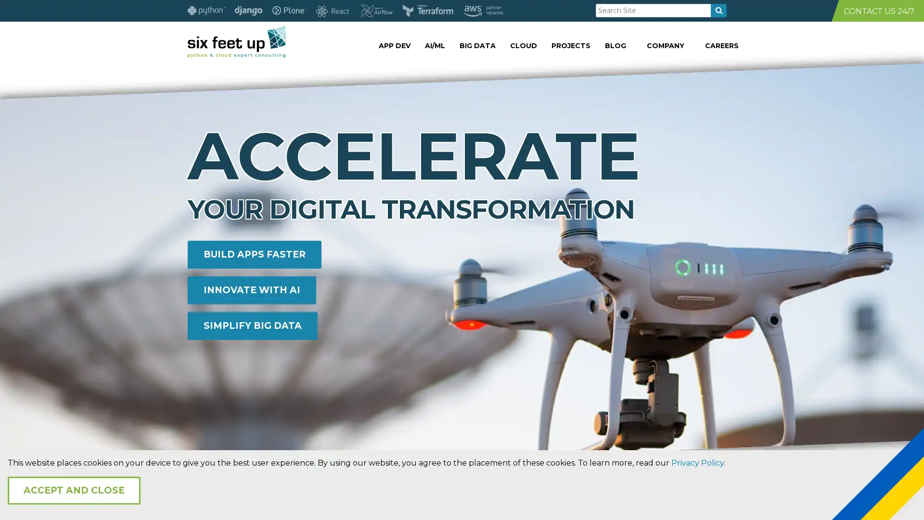  What do you see at coordinates (738, 44) in the screenshot?
I see `Company` at bounding box center [738, 44].